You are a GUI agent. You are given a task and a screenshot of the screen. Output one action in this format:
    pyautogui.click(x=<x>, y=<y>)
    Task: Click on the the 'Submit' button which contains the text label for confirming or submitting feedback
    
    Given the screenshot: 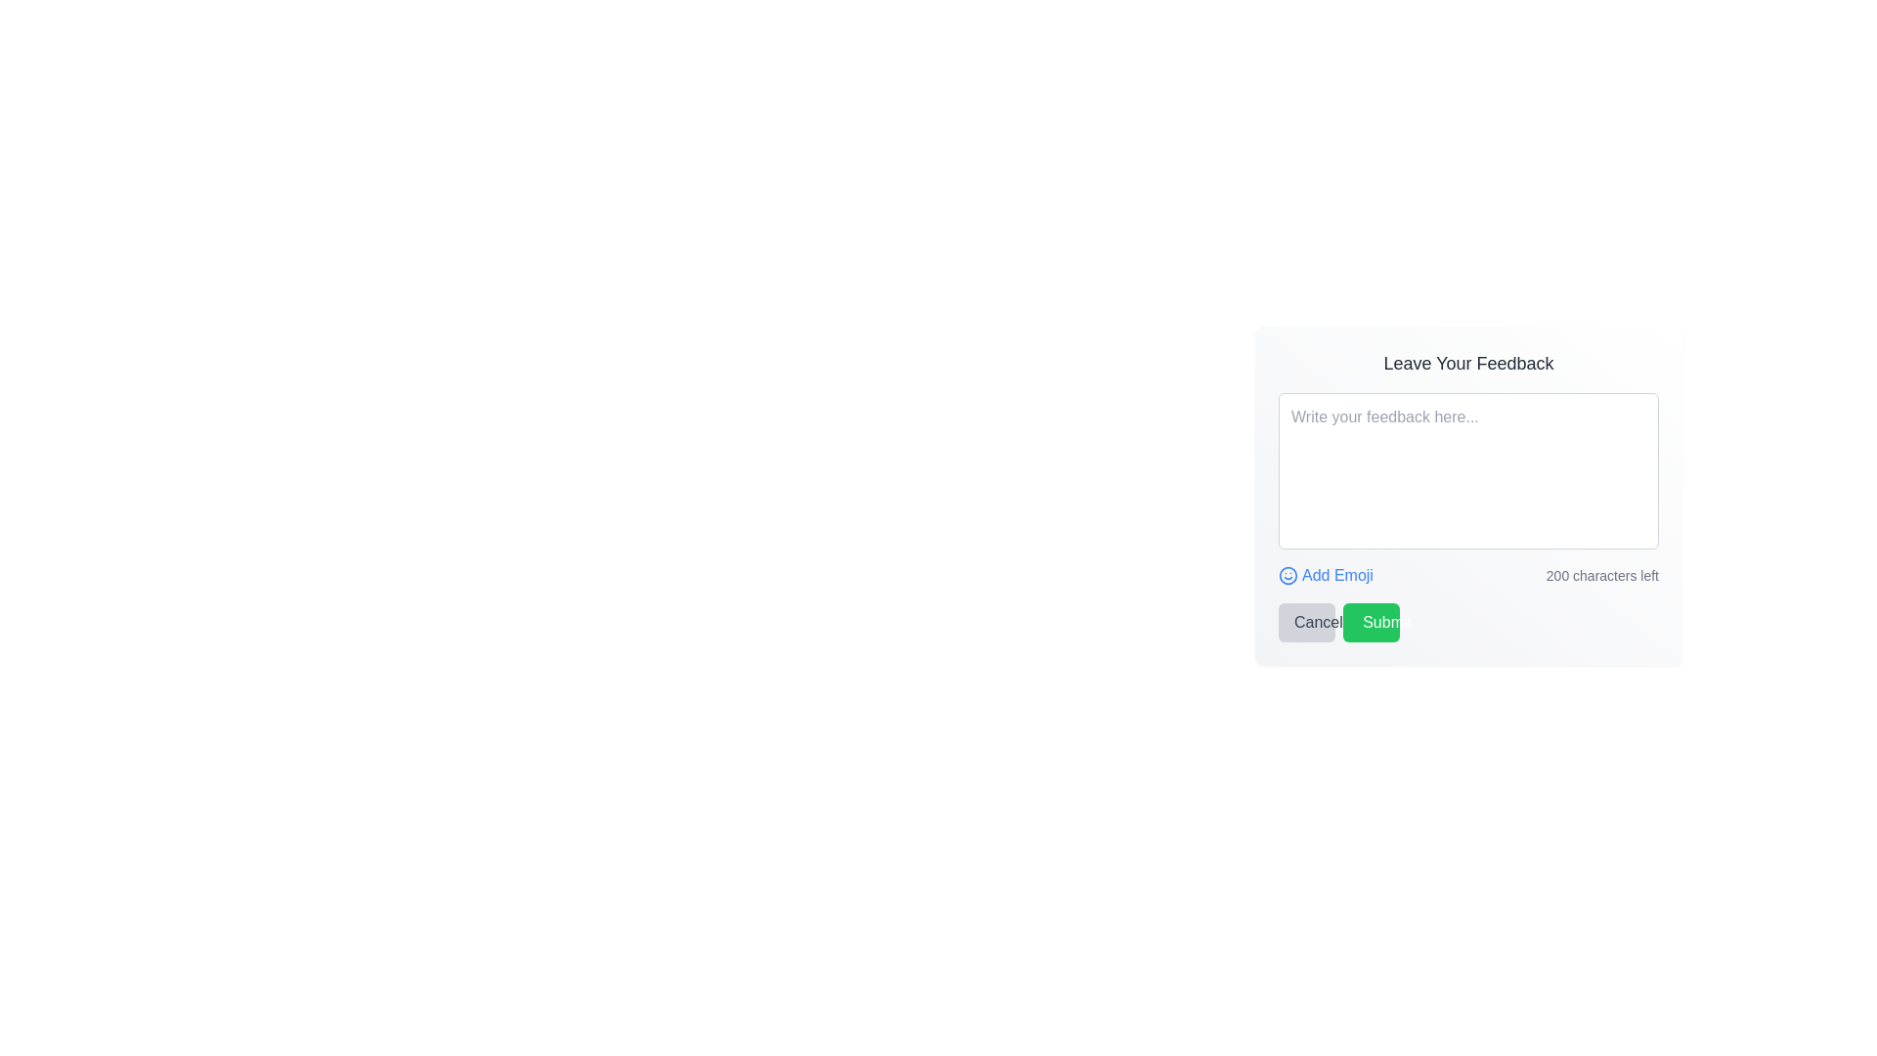 What is the action you would take?
    pyautogui.click(x=1386, y=622)
    